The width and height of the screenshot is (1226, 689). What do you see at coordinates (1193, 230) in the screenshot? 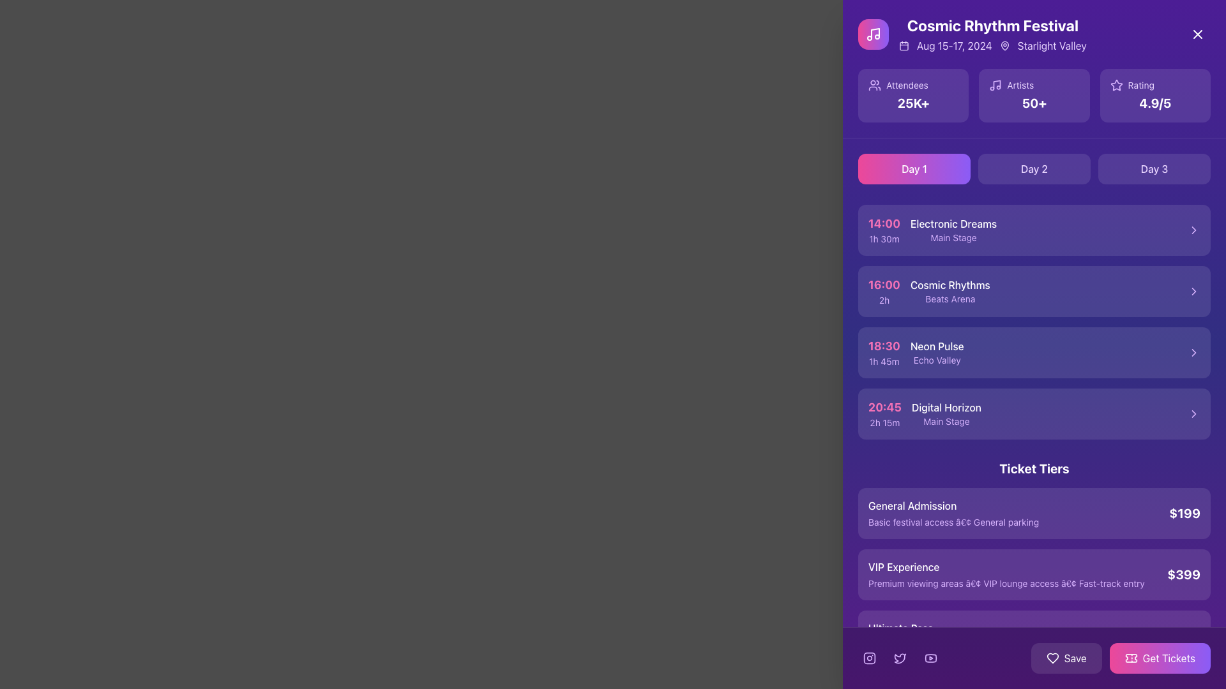
I see `the Chevron Right icon, a minimalistic purple arrow, located at the far right end of the row for the event 'Electronic Dreams'` at bounding box center [1193, 230].